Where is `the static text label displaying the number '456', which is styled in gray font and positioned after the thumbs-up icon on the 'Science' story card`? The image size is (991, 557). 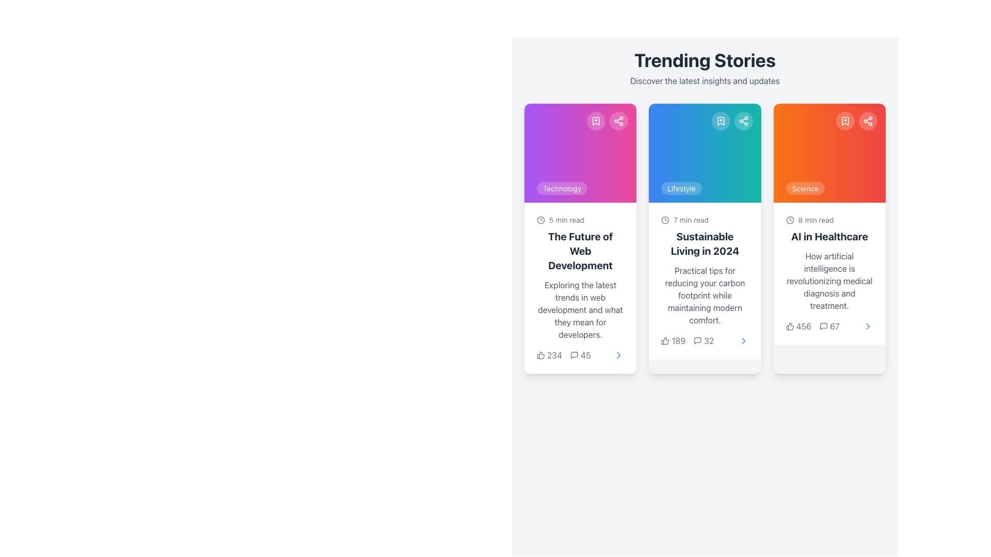
the static text label displaying the number '456', which is styled in gray font and positioned after the thumbs-up icon on the 'Science' story card is located at coordinates (798, 326).